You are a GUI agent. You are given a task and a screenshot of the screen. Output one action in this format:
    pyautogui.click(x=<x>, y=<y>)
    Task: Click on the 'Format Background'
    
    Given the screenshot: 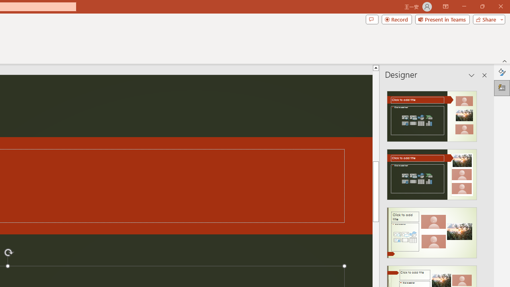 What is the action you would take?
    pyautogui.click(x=502, y=72)
    